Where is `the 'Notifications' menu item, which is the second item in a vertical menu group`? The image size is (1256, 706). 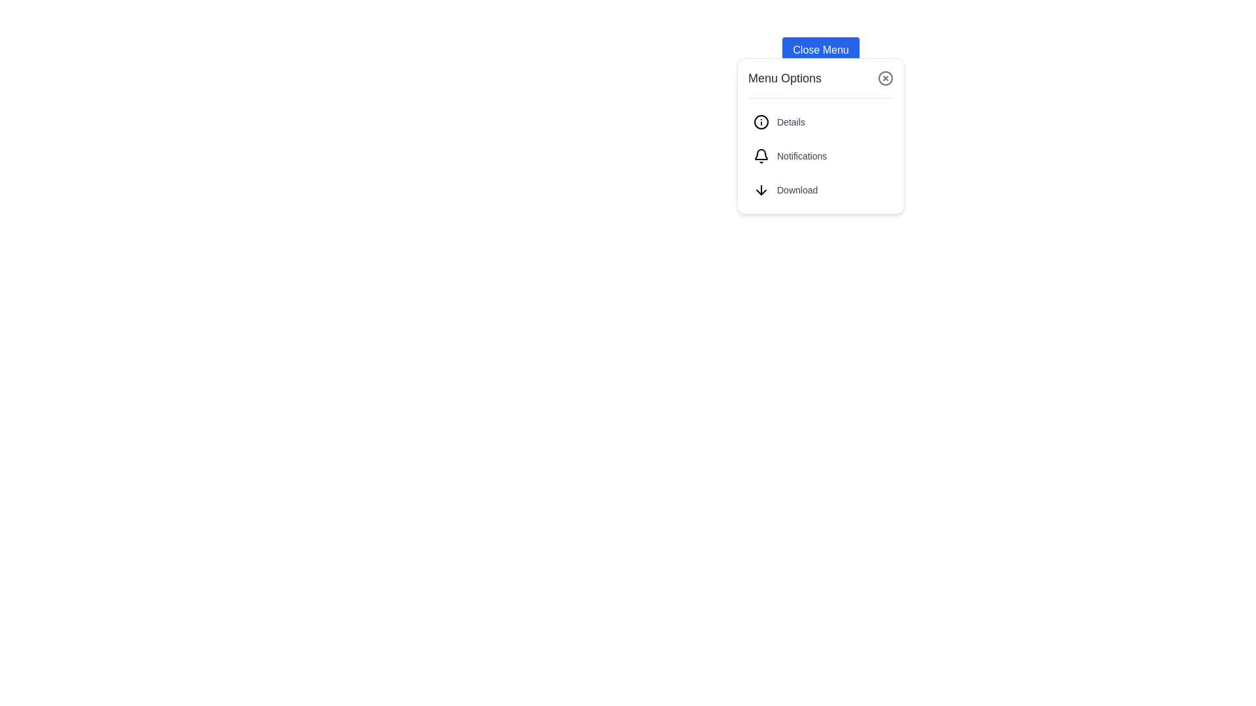 the 'Notifications' menu item, which is the second item in a vertical menu group is located at coordinates (820, 156).